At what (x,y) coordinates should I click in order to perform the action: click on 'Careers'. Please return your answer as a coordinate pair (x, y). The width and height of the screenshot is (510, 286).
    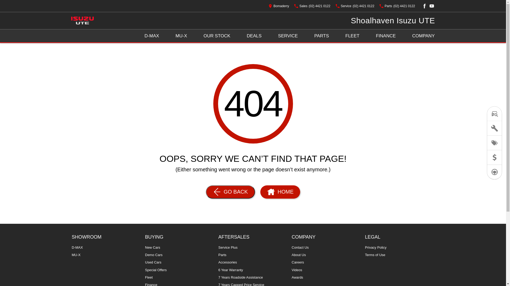
    Looking at the image, I should click on (298, 263).